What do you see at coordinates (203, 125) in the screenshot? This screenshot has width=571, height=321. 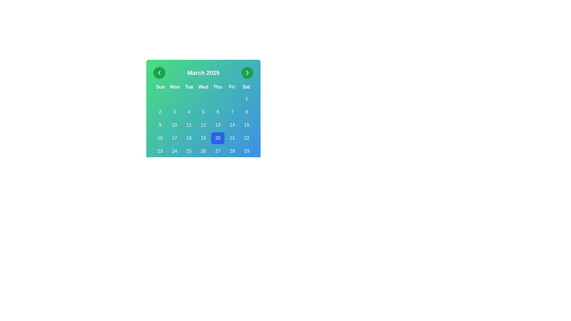 I see `the selectable button representing the 12th day of the month in the calendar grid layout` at bounding box center [203, 125].